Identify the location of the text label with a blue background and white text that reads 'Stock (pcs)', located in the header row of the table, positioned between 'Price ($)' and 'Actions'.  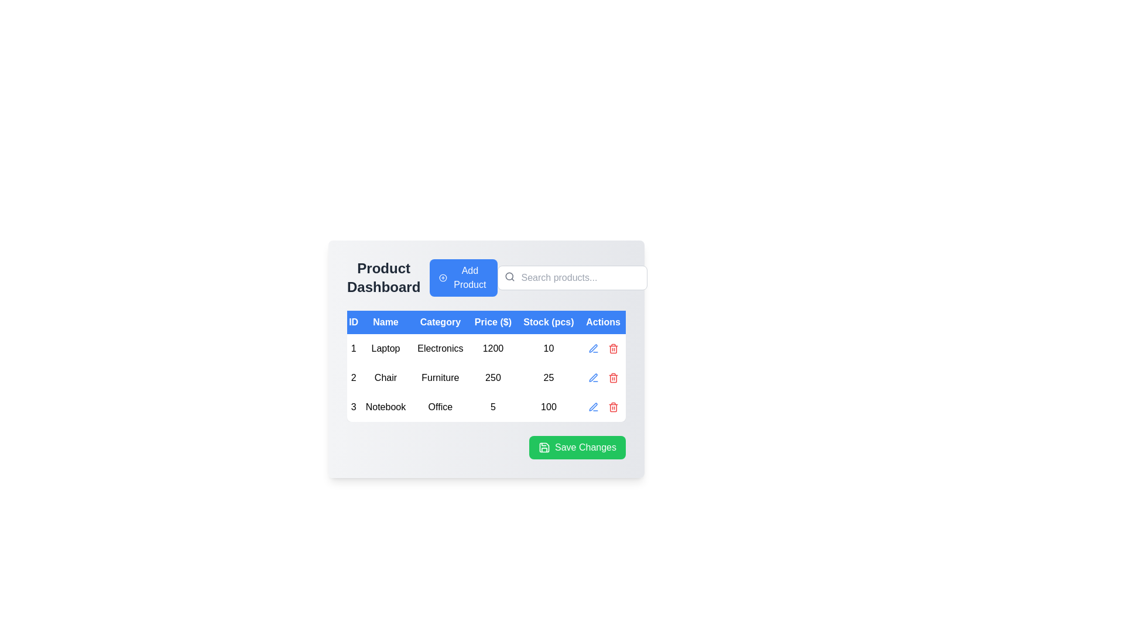
(548, 322).